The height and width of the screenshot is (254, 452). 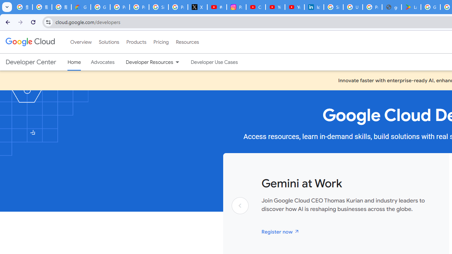 I want to click on 'Last Shelter: Survival - Apps on Google Play', so click(x=411, y=7).